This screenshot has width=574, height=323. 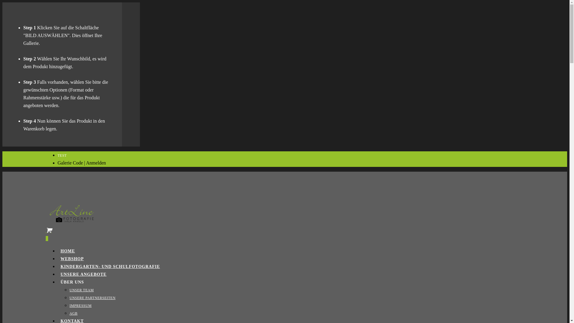 I want to click on 'WEBSHOP', so click(x=57, y=259).